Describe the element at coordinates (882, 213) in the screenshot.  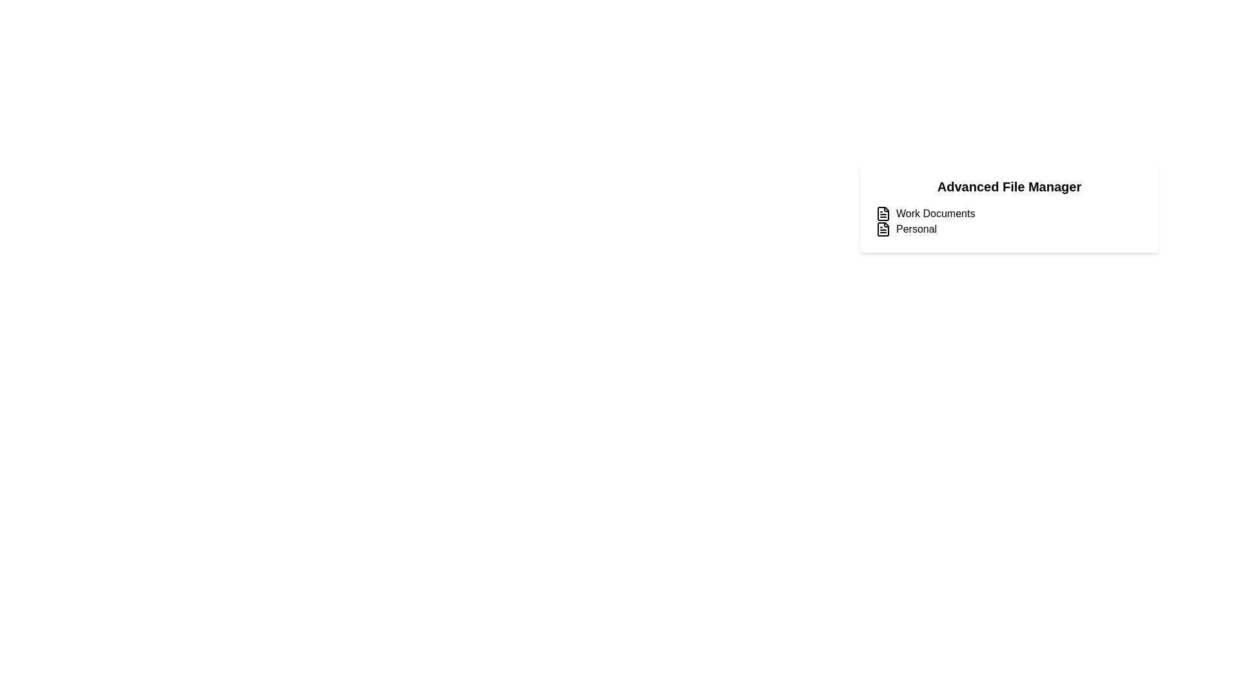
I see `the small rectangular icon depicting a file or document located on the left side of the 'Work Documents' label` at that location.